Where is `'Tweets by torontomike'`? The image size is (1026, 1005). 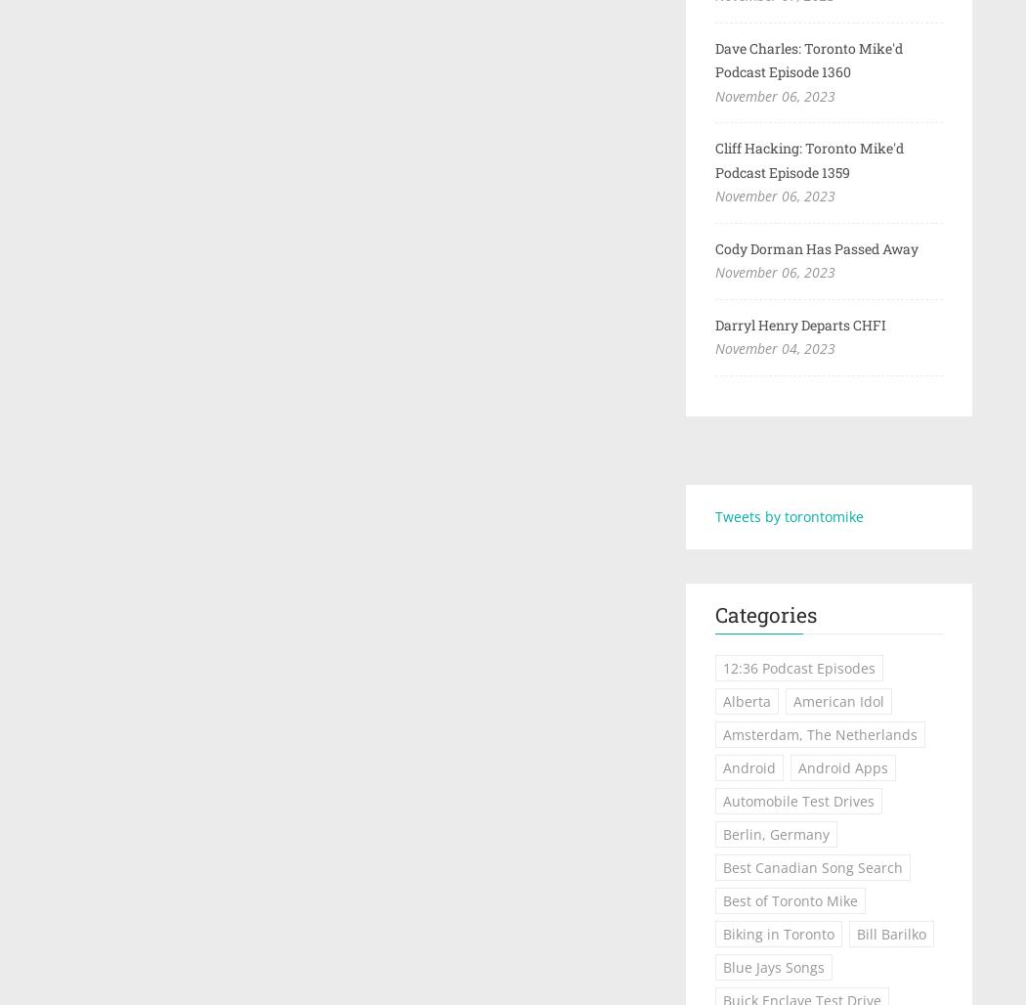
'Tweets by torontomike' is located at coordinates (788, 515).